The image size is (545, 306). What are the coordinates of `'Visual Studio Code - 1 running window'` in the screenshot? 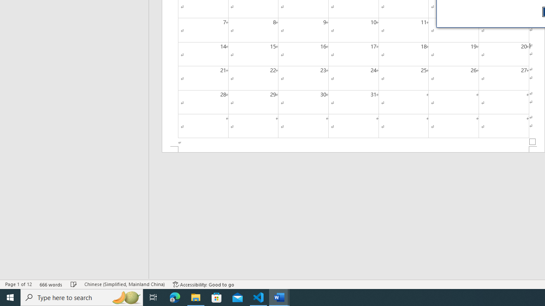 It's located at (258, 297).